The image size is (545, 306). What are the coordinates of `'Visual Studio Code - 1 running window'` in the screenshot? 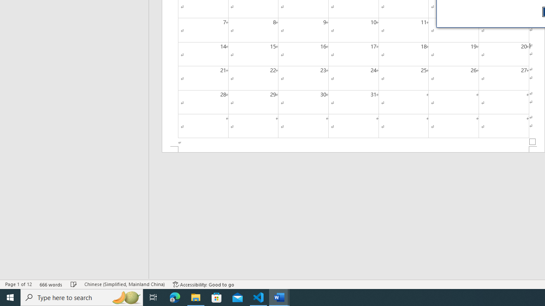 It's located at (258, 297).